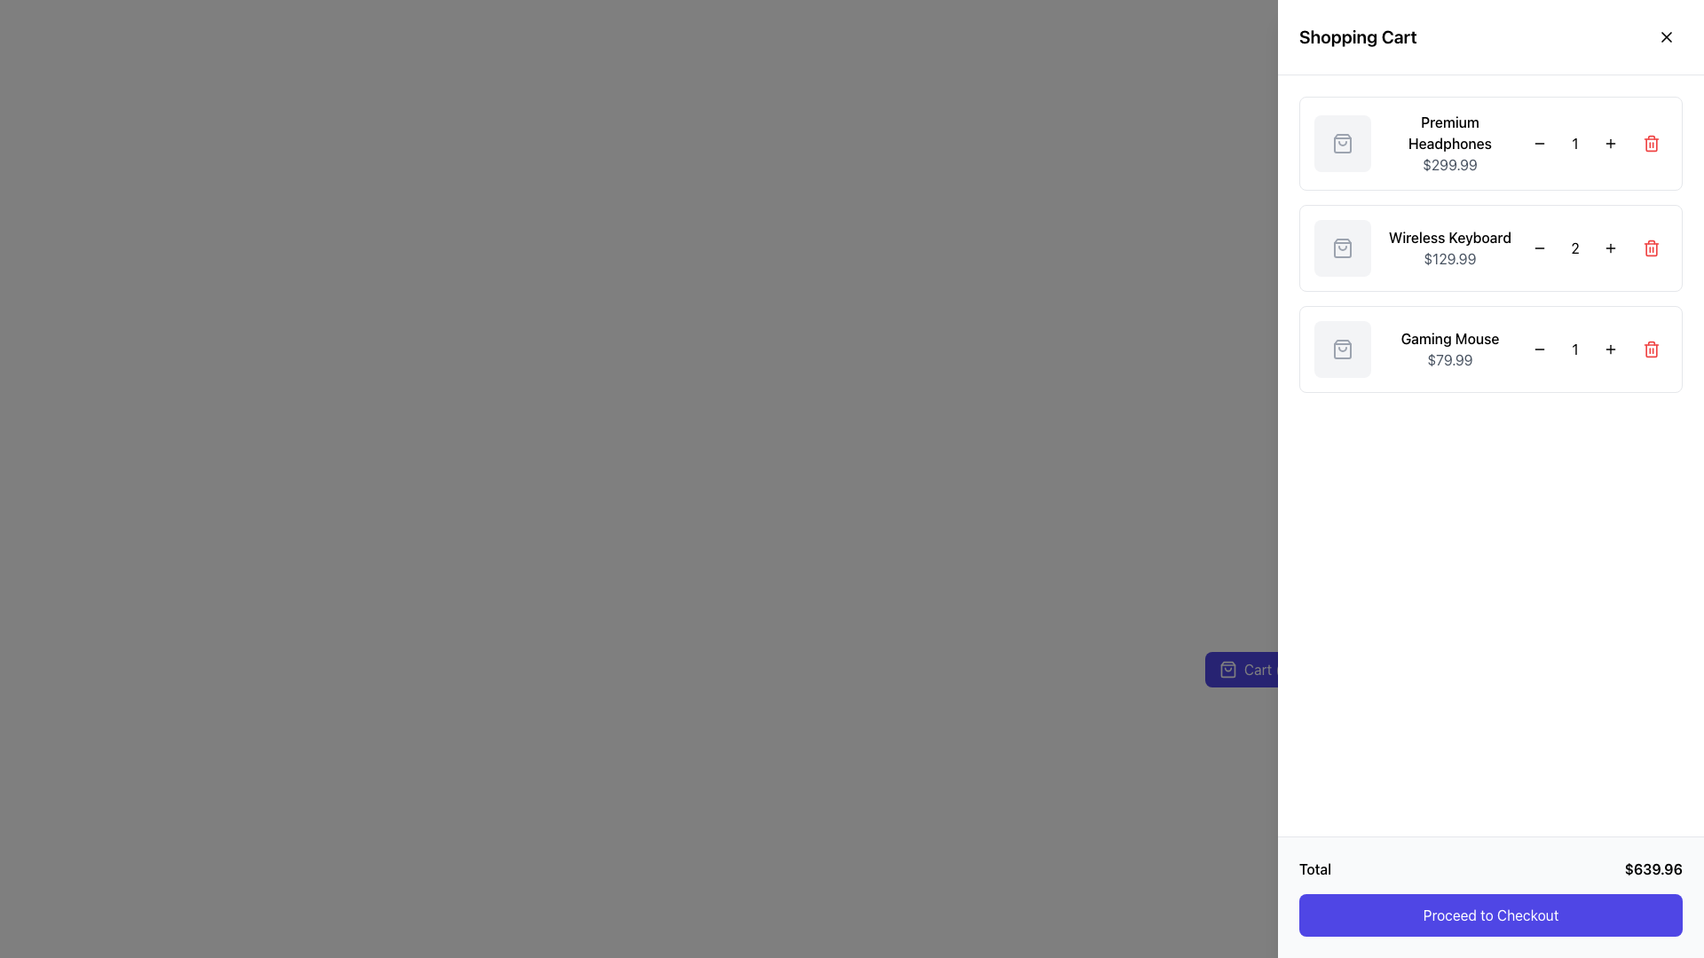  What do you see at coordinates (1449, 359) in the screenshot?
I see `the text displaying '$79.99' located in the cart panel beneath 'Gaming Mouse'` at bounding box center [1449, 359].